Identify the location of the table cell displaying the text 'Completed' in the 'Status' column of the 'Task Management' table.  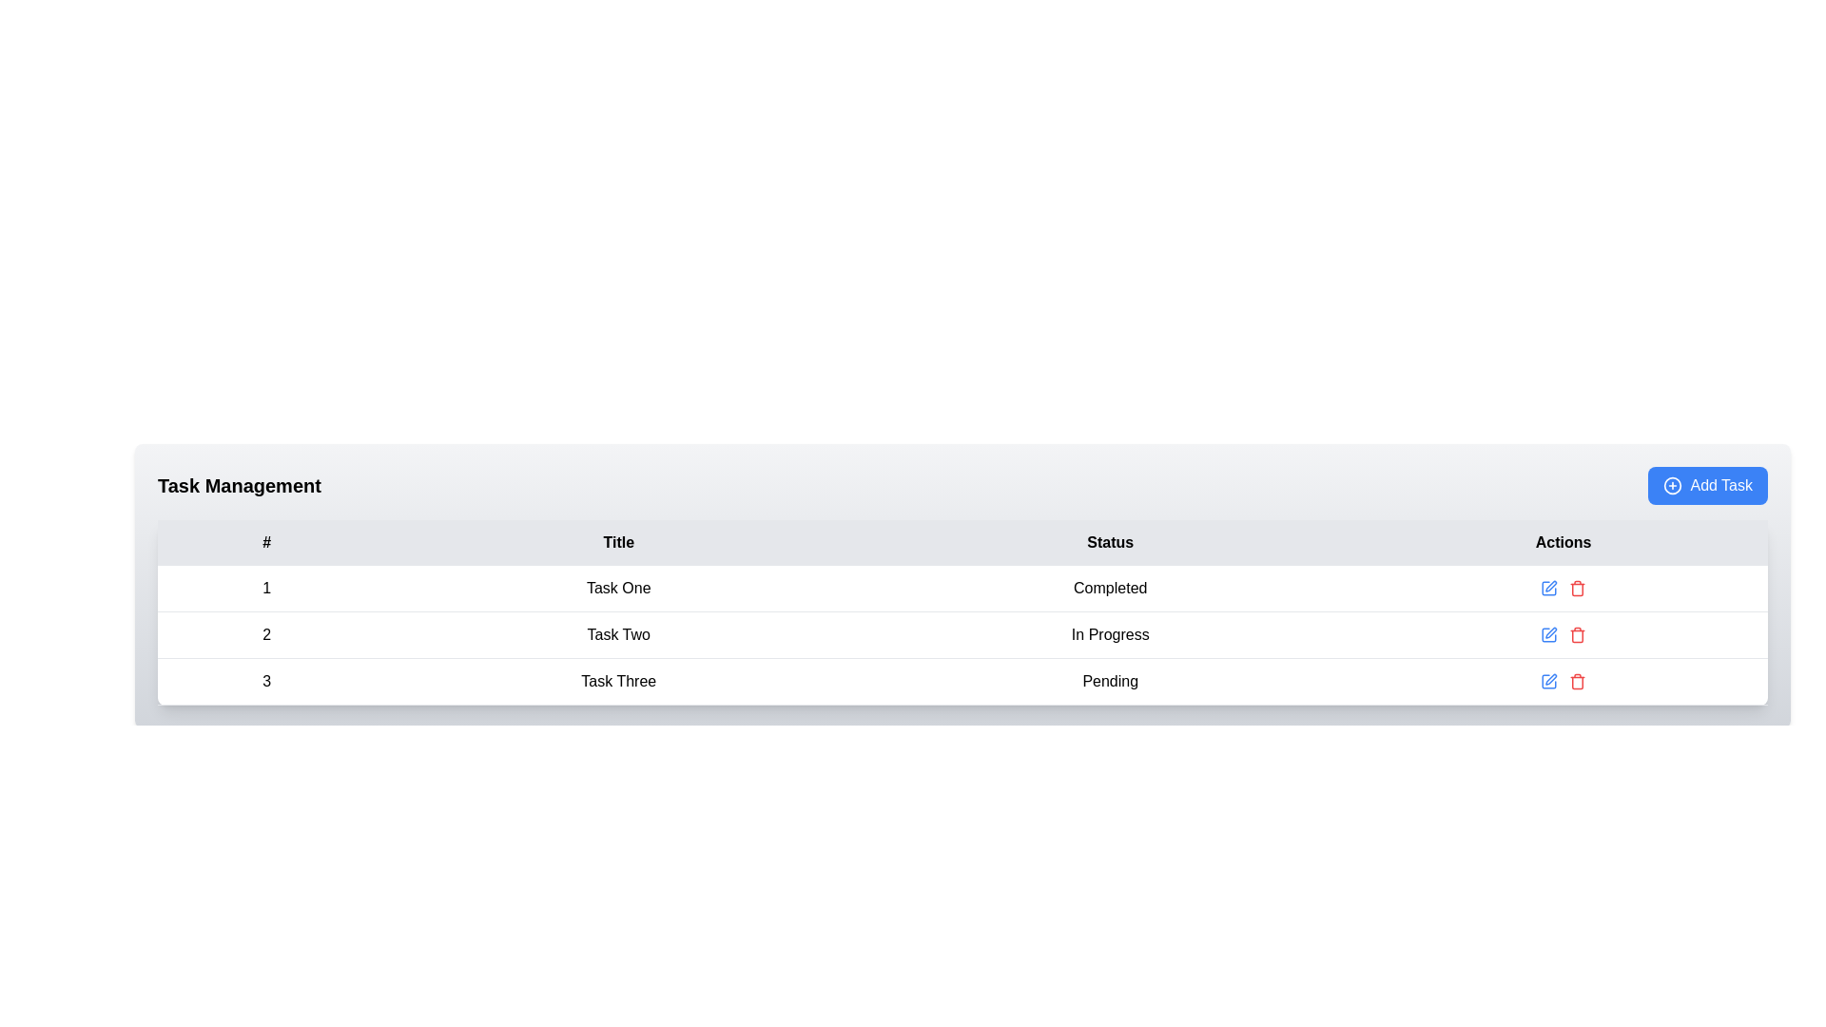
(1110, 588).